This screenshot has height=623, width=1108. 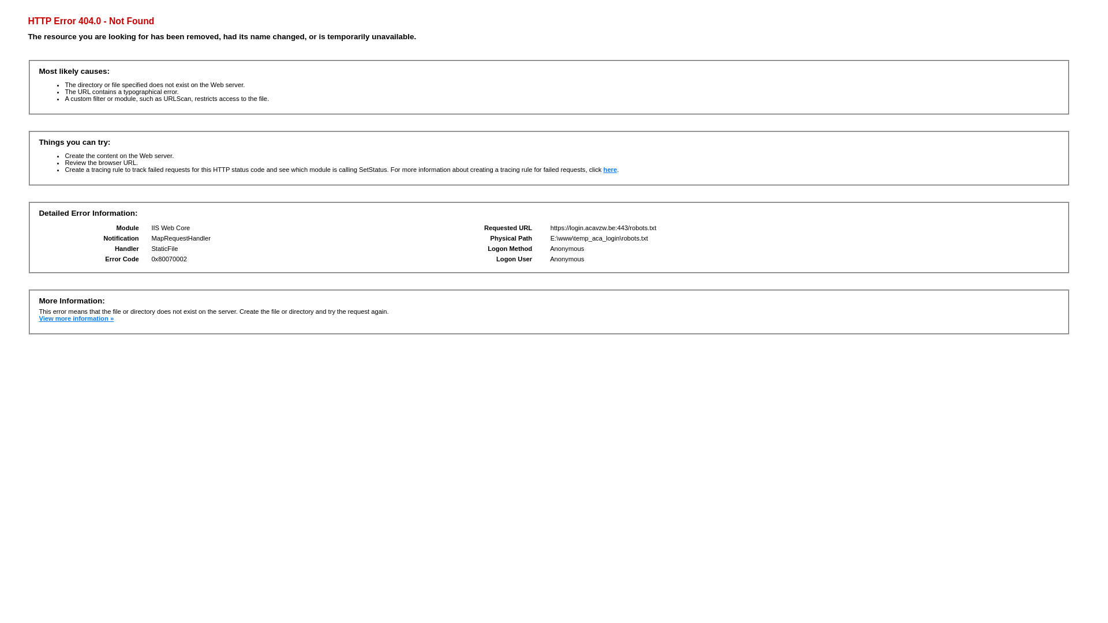 What do you see at coordinates (609, 169) in the screenshot?
I see `'here'` at bounding box center [609, 169].